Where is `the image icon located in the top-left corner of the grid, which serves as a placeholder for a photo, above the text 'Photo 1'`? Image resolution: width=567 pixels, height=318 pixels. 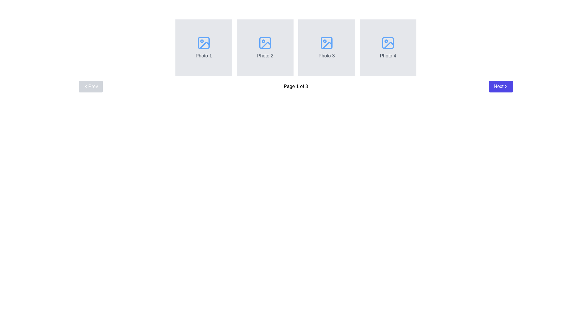 the image icon located in the top-left corner of the grid, which serves as a placeholder for a photo, above the text 'Photo 1' is located at coordinates (204, 43).